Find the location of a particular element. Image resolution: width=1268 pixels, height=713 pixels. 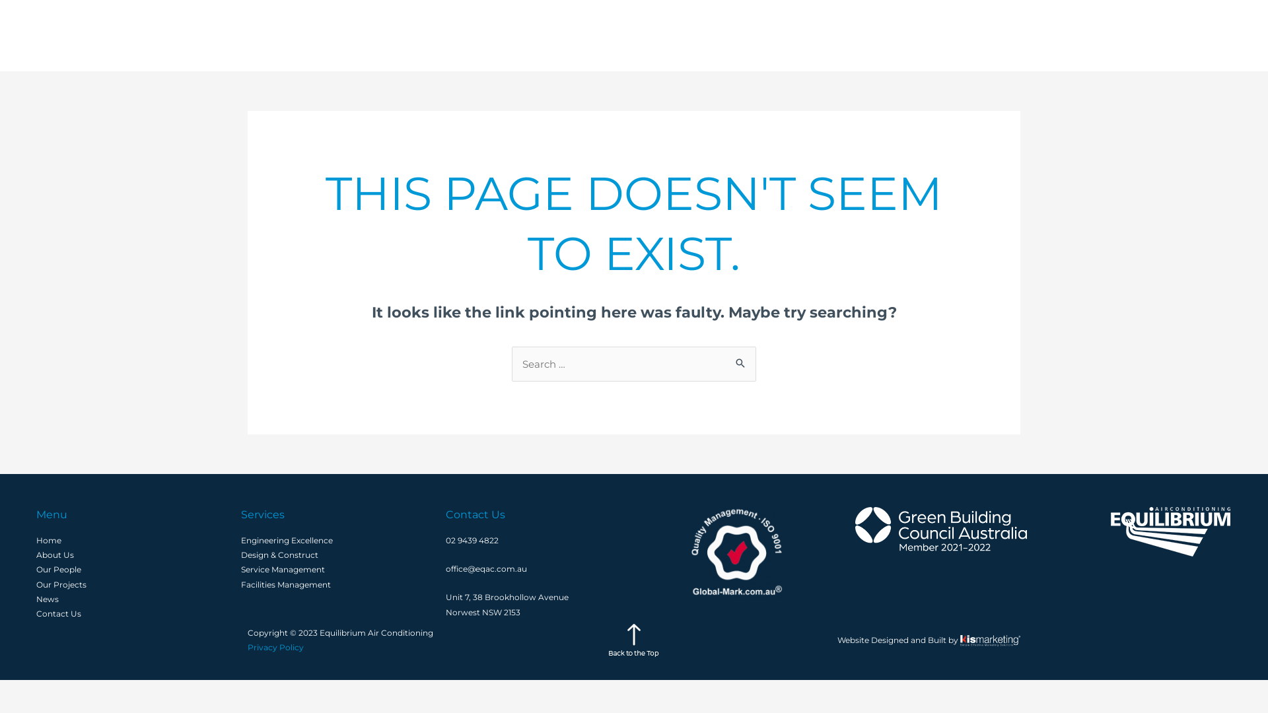

'Privacy Policy' is located at coordinates (247, 646).